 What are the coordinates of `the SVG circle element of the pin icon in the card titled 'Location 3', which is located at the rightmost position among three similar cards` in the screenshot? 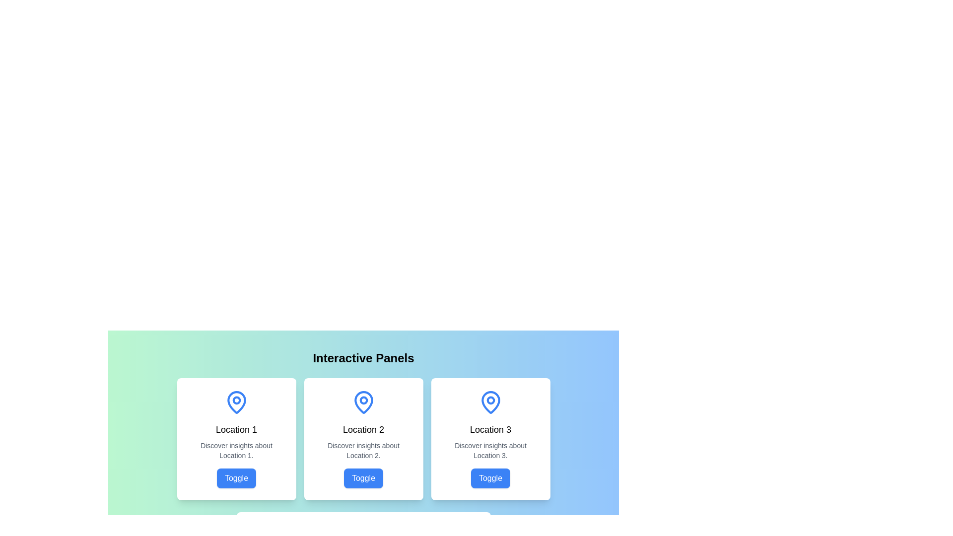 It's located at (490, 400).